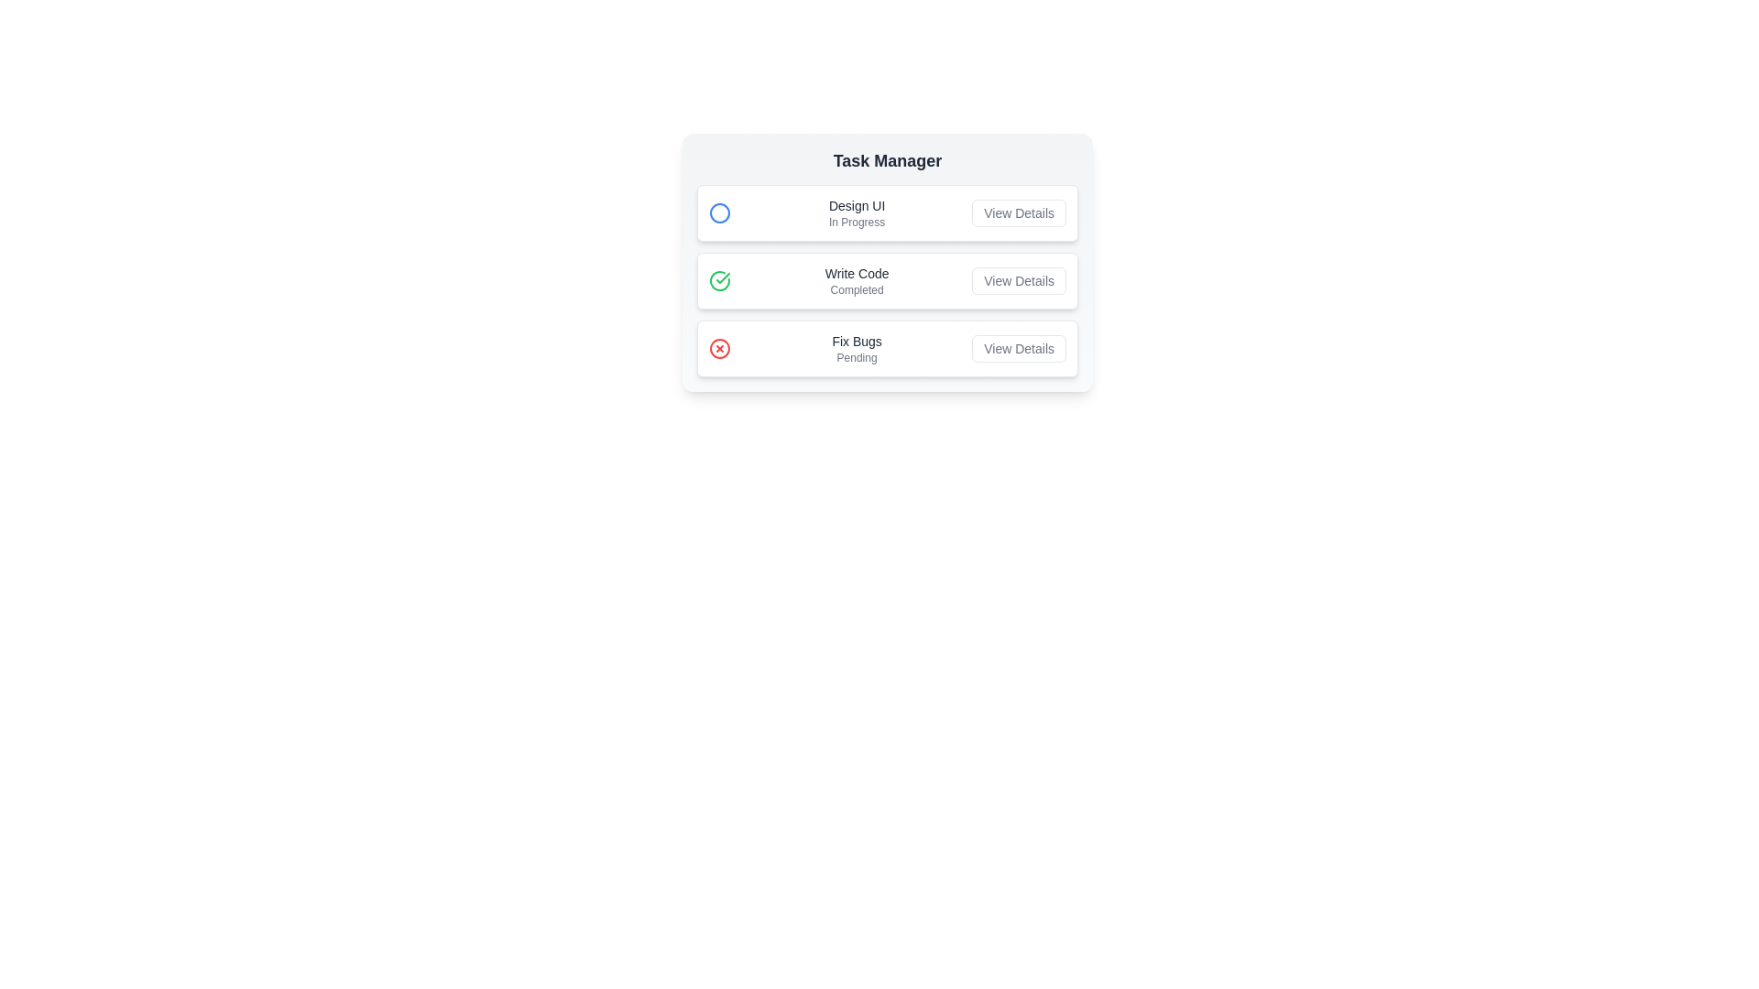 The image size is (1759, 989). I want to click on the 'View Details' button for the task 'Fix Bugs', so click(1018, 349).